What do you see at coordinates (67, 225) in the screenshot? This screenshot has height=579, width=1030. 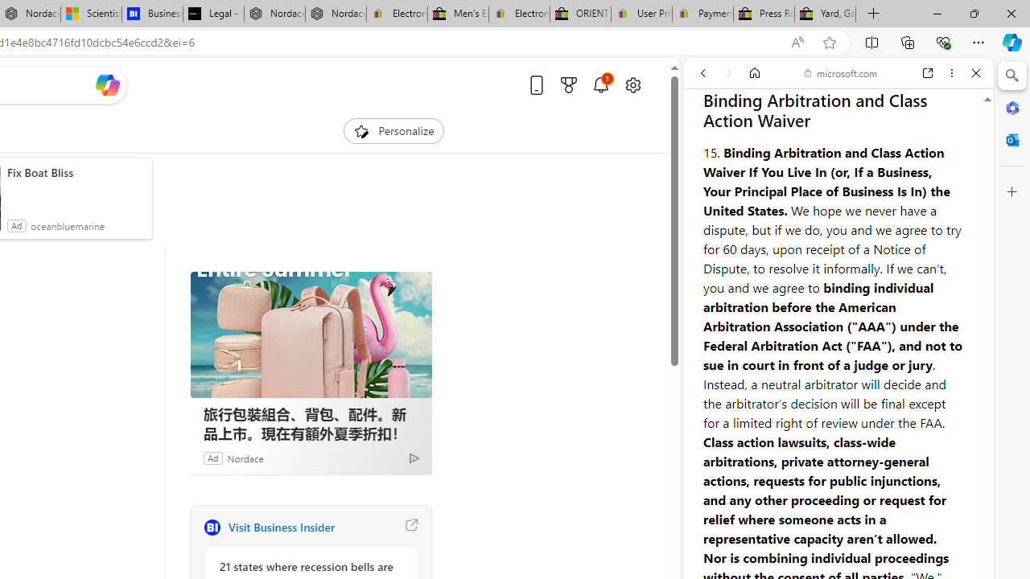 I see `'oceanbluemarine'` at bounding box center [67, 225].